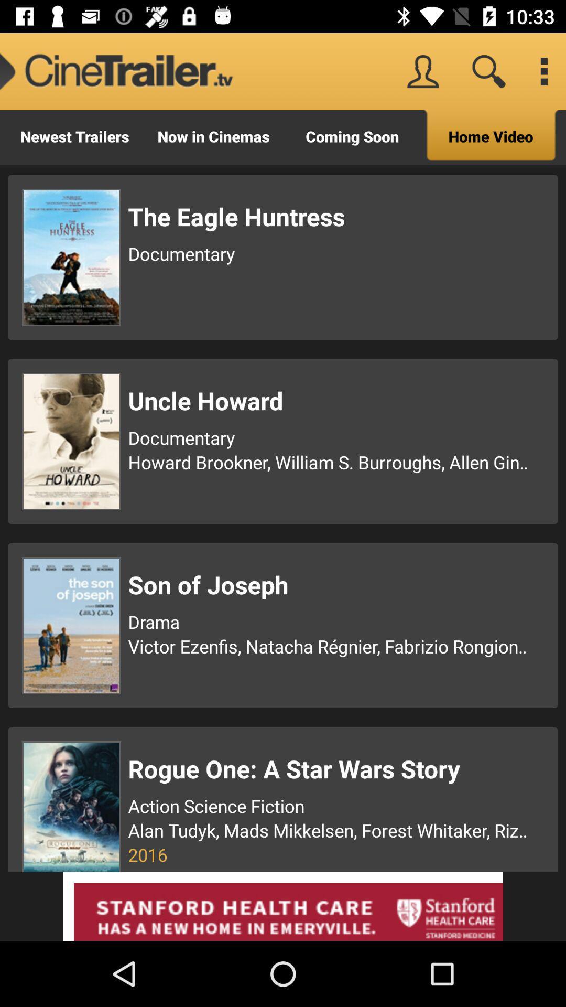 Image resolution: width=566 pixels, height=1007 pixels. What do you see at coordinates (329, 830) in the screenshot?
I see `alan tudyk mads icon` at bounding box center [329, 830].